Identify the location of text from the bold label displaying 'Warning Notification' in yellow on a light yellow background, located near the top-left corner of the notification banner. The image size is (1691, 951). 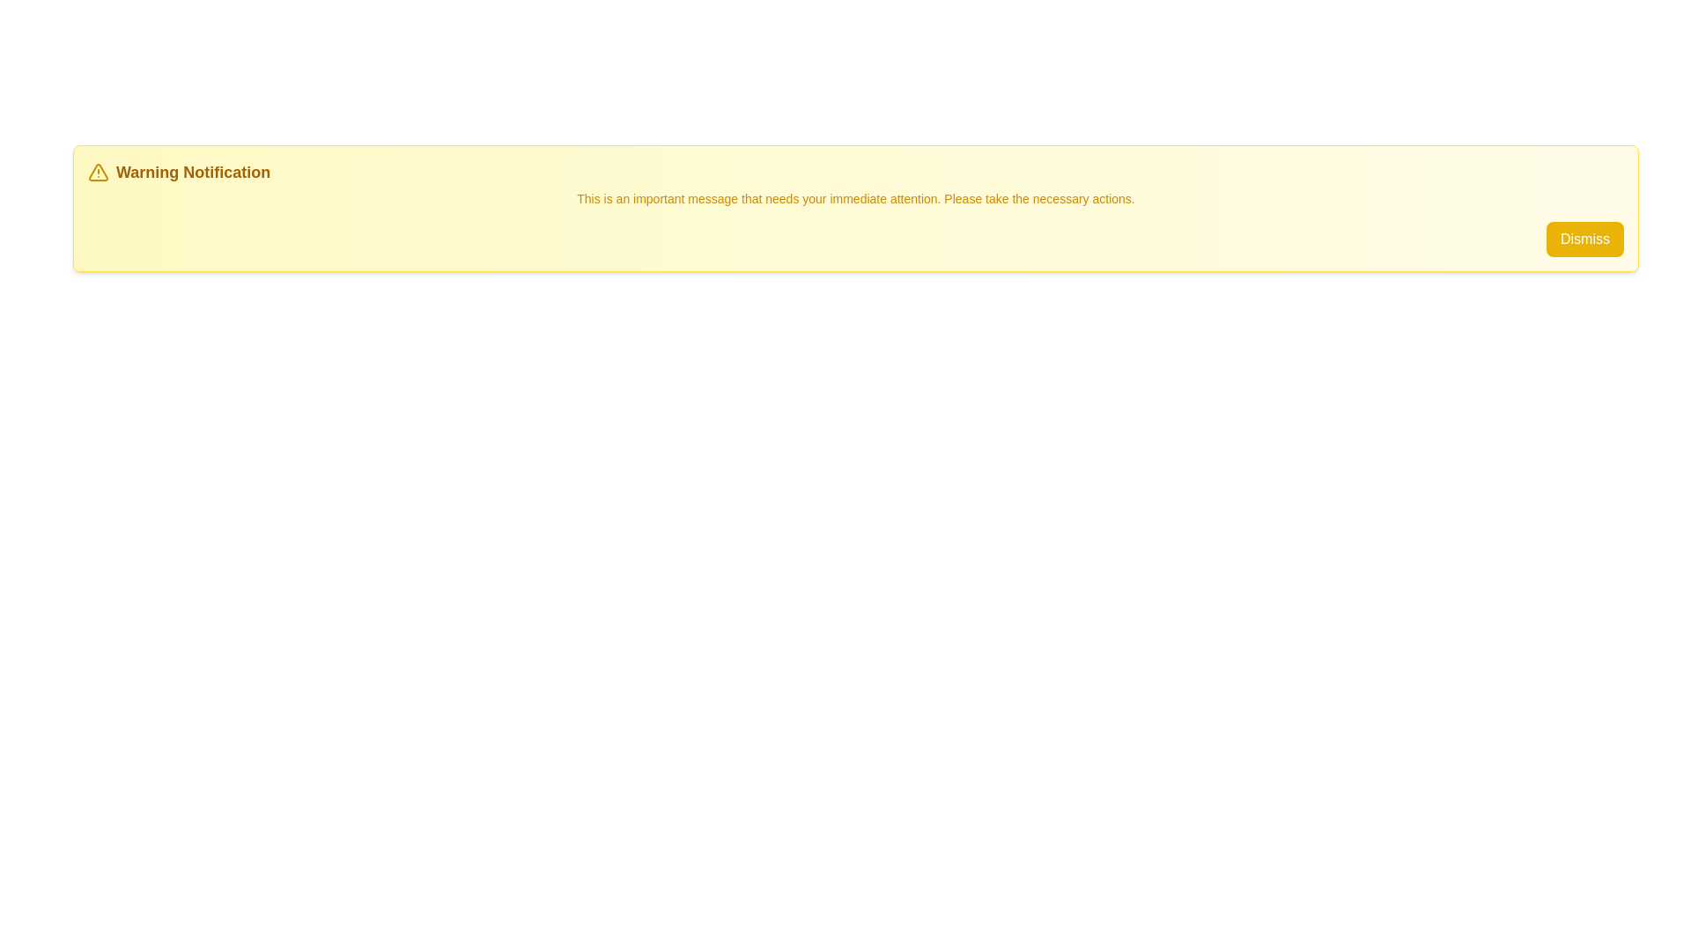
(193, 173).